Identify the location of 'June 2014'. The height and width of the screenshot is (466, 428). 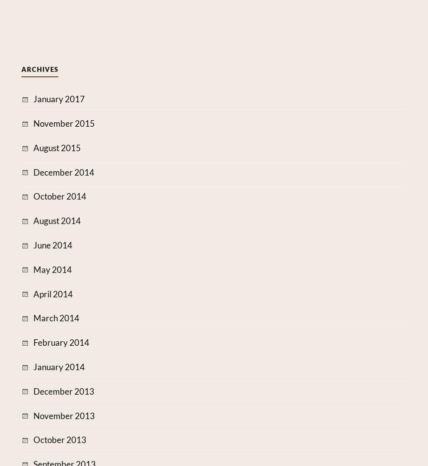
(52, 244).